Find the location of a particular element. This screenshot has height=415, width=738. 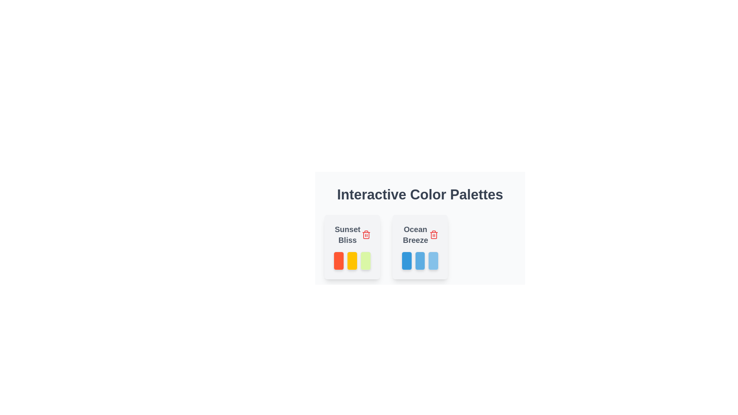

the text label that indicates the name of the color palette displayed above the three colored squares on the leftmost card in the horizontally aligned set of cards is located at coordinates (352, 234).